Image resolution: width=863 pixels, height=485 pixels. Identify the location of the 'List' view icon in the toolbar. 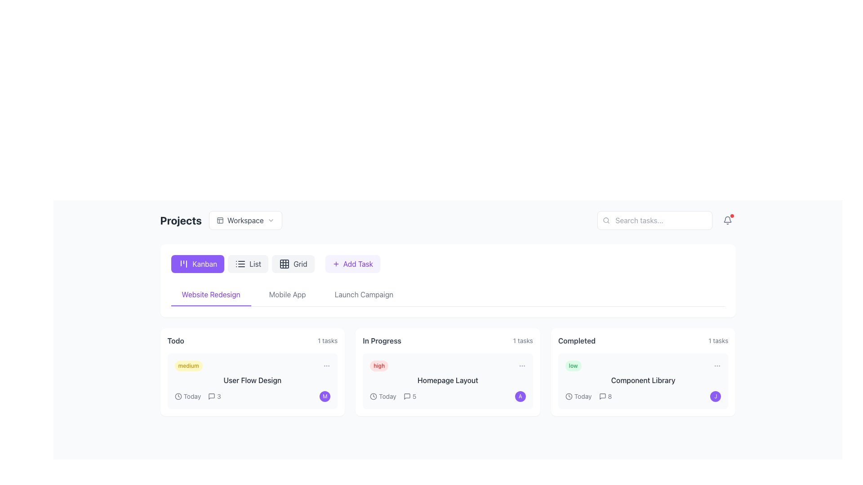
(240, 263).